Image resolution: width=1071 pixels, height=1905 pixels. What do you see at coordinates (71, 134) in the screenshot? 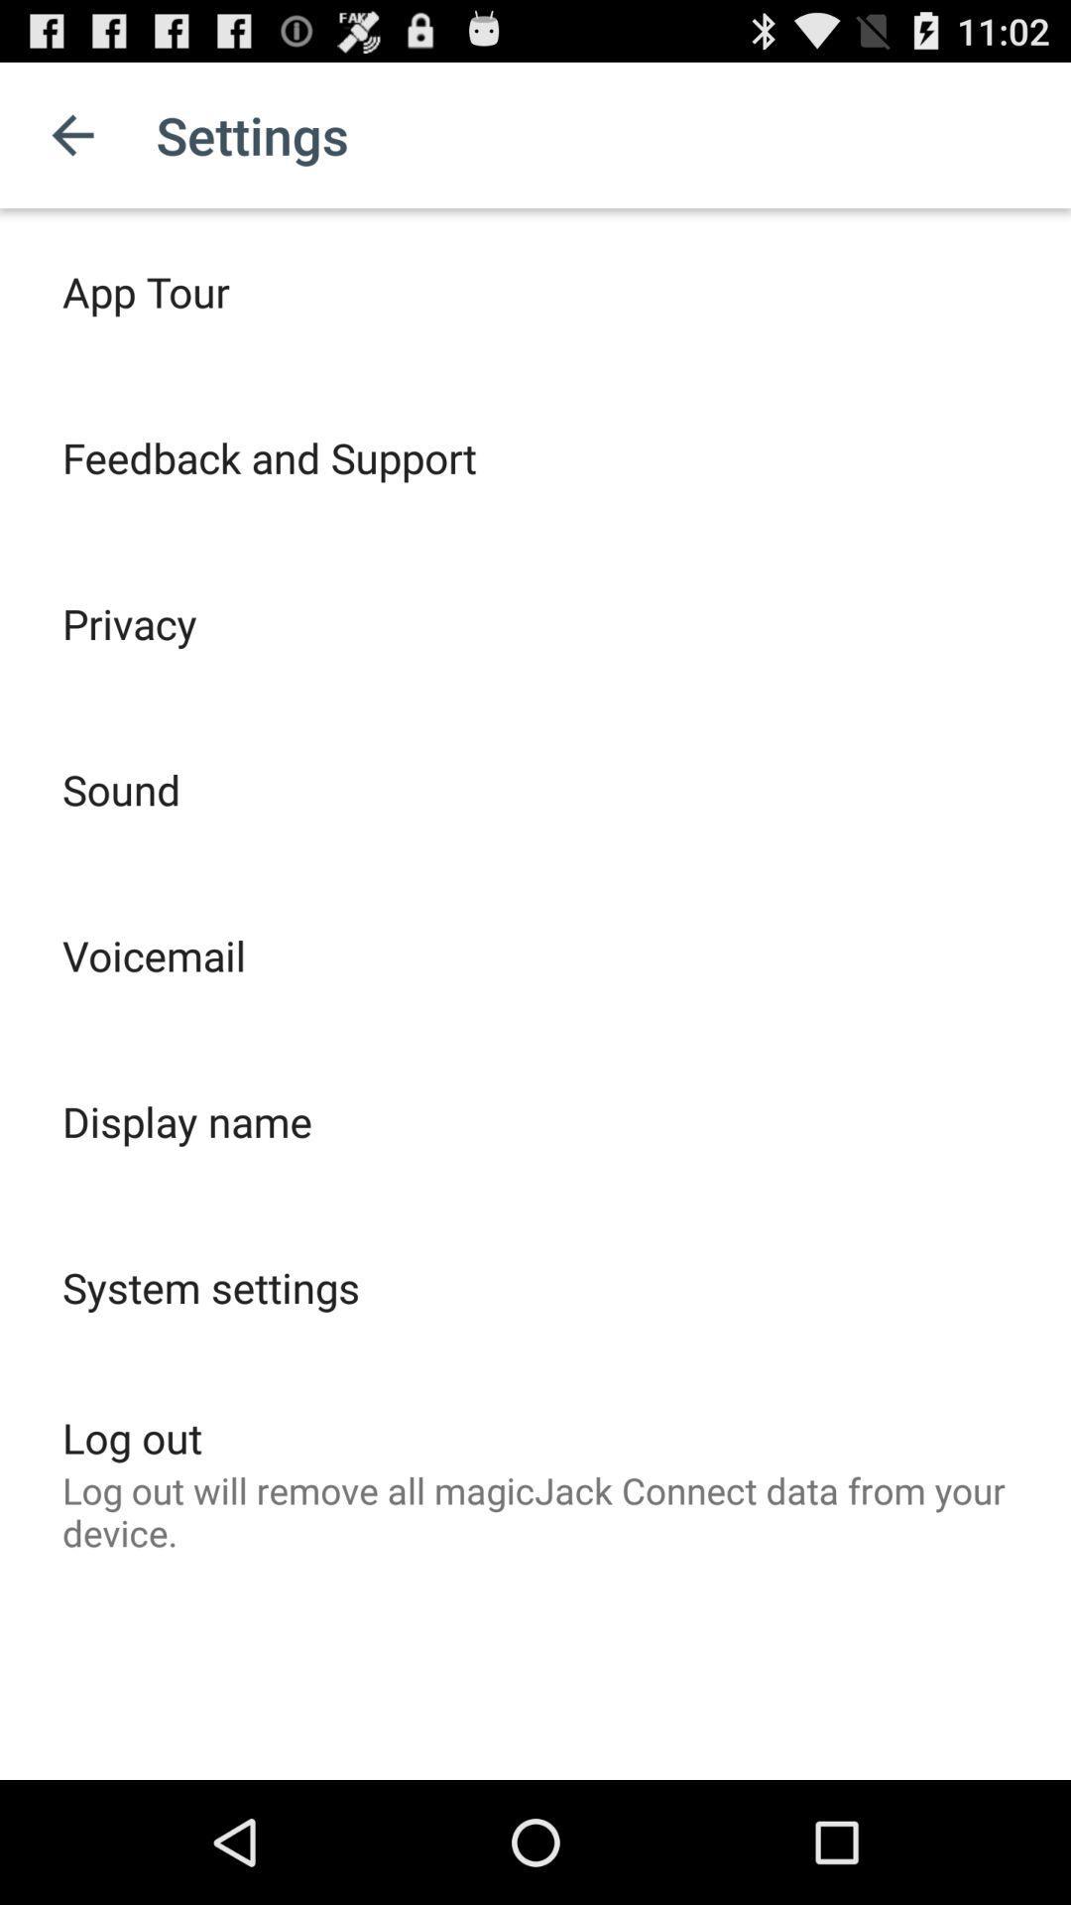
I see `the item next to the settings icon` at bounding box center [71, 134].